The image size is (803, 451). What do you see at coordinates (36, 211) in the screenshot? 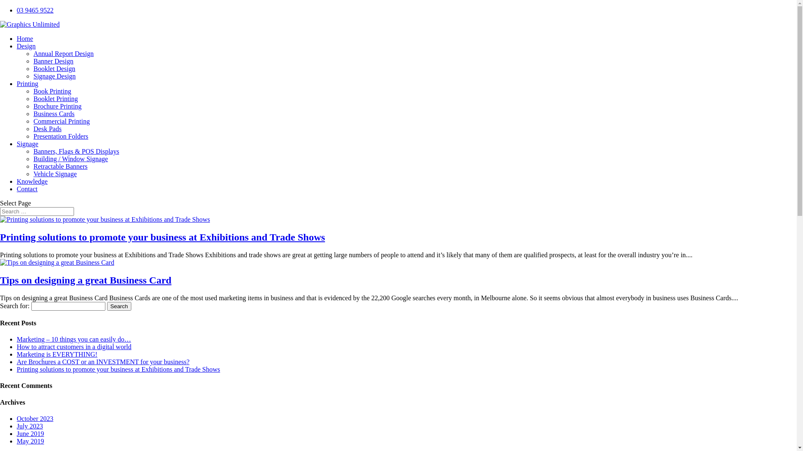
I see `'Search for:'` at bounding box center [36, 211].